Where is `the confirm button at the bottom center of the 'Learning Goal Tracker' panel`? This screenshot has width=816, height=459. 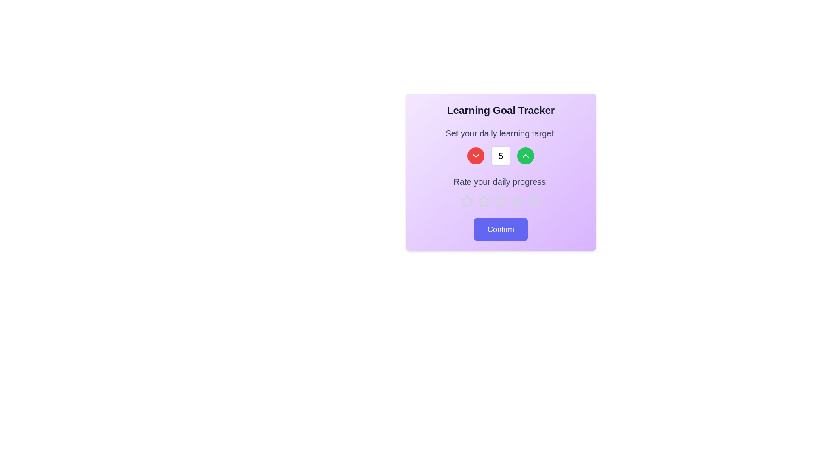 the confirm button at the bottom center of the 'Learning Goal Tracker' panel is located at coordinates (501, 229).